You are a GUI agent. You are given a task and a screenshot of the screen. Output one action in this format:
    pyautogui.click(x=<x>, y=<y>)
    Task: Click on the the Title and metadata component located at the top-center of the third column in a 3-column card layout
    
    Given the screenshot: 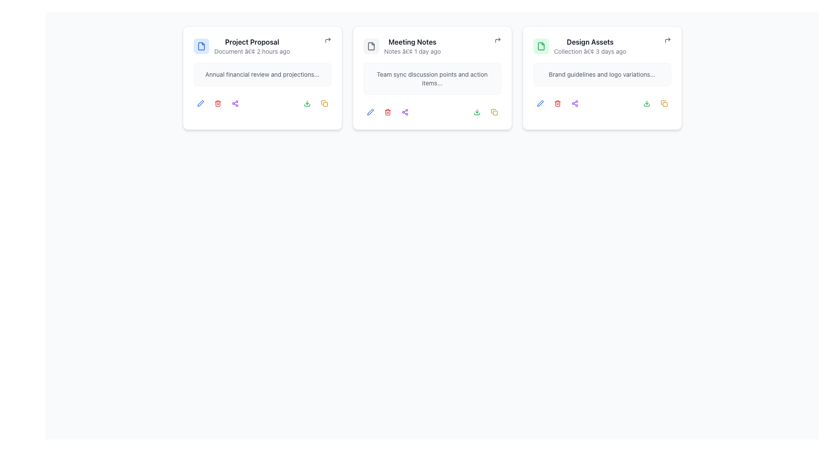 What is the action you would take?
    pyautogui.click(x=601, y=46)
    